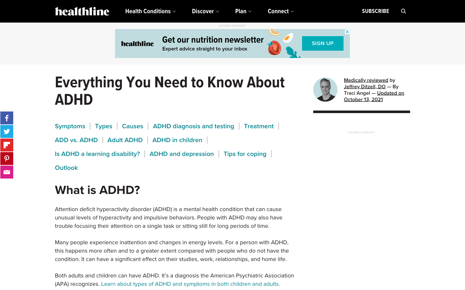  I want to click on Search up methods for handling ADHD, so click(244, 153).